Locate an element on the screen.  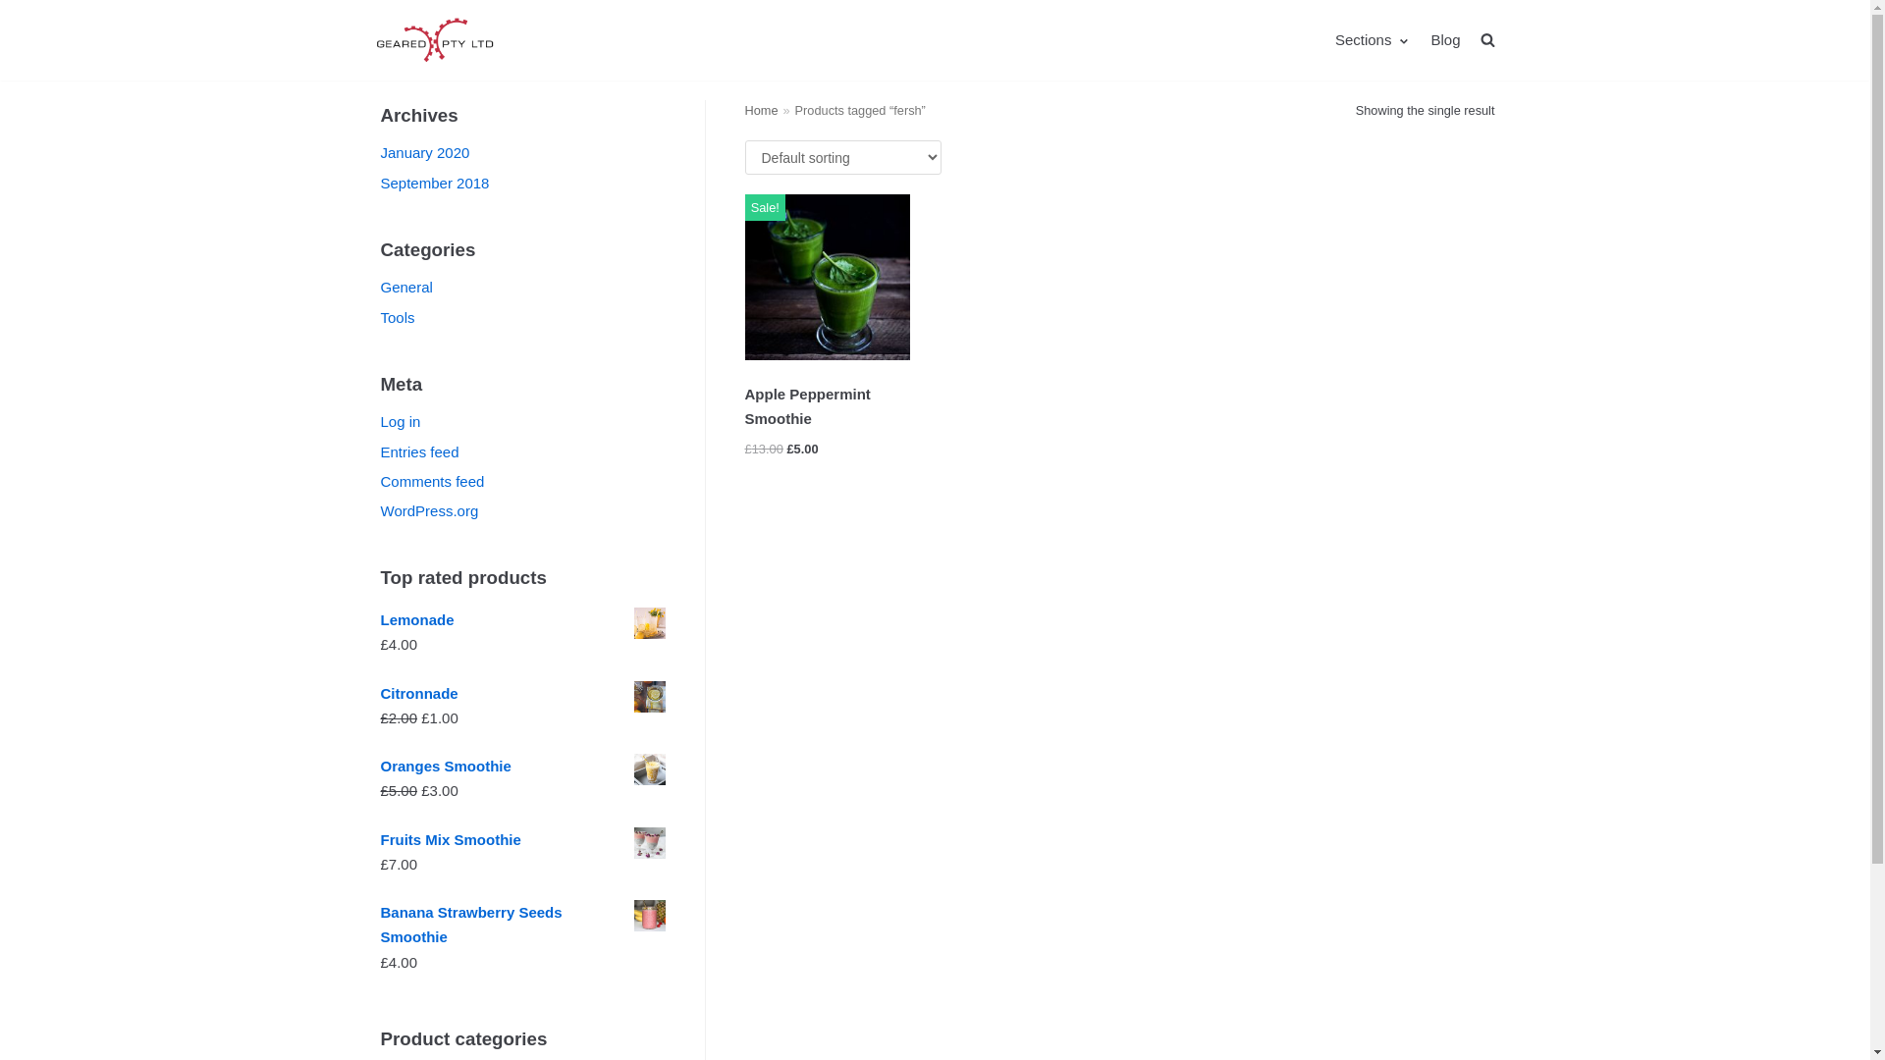
'Skip to content' is located at coordinates (19, 10).